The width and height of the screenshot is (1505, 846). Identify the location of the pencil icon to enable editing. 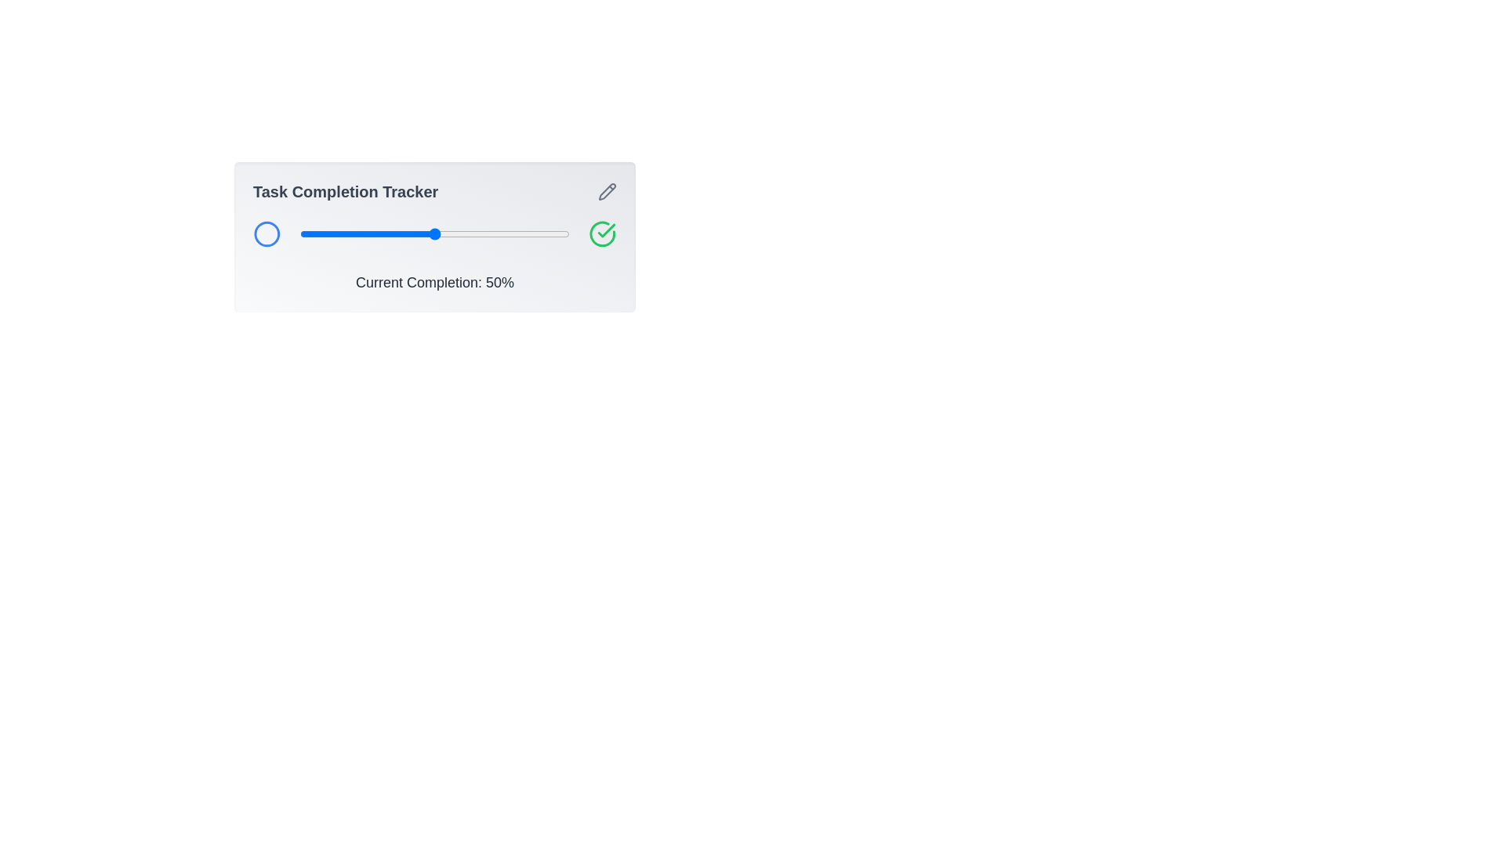
(606, 191).